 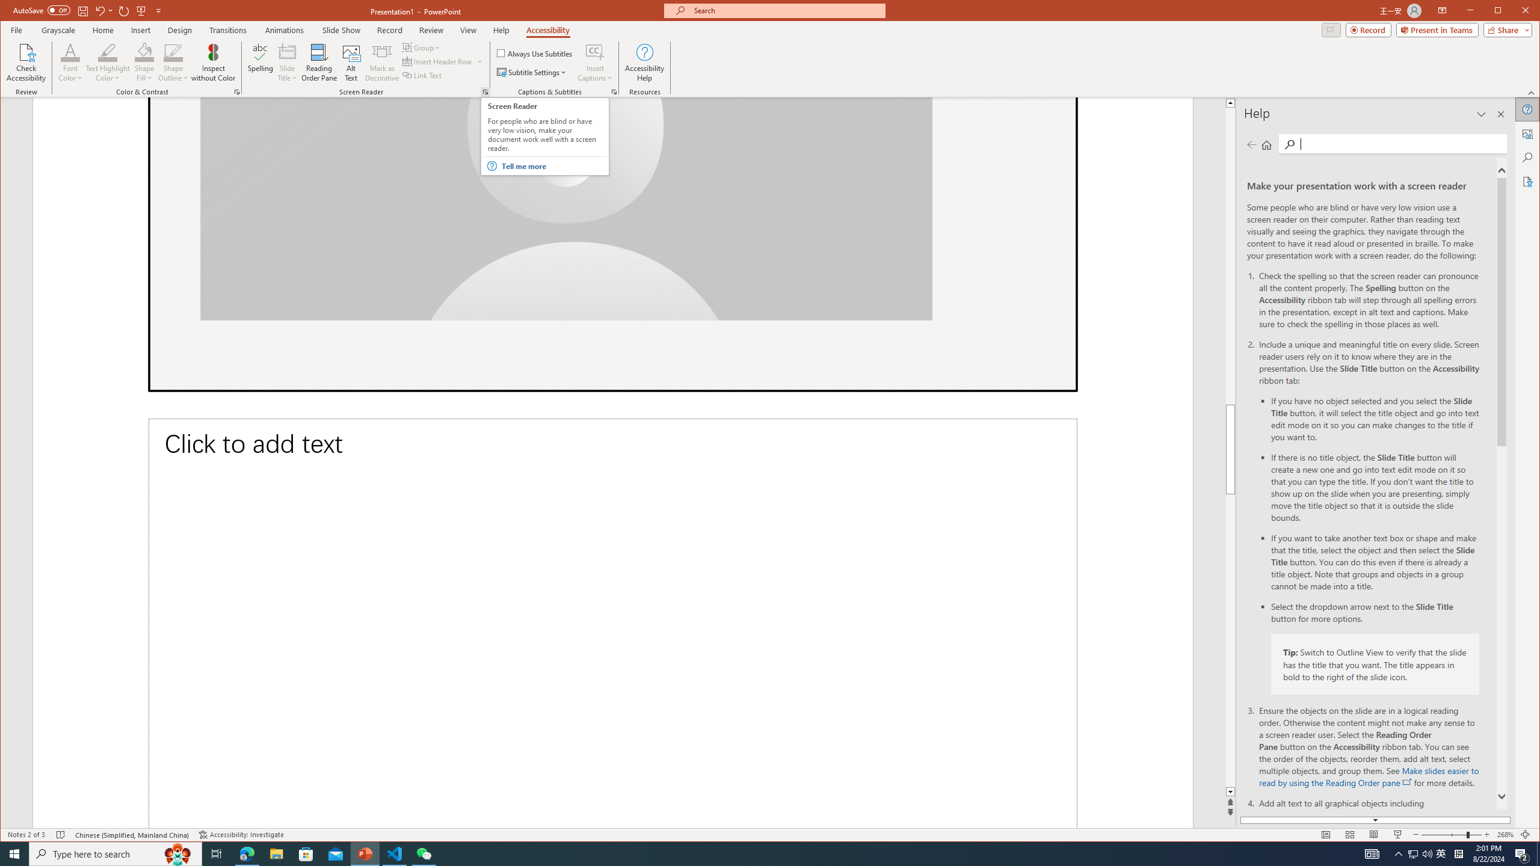 I want to click on 'Action Center, 2 new notifications', so click(x=1522, y=853).